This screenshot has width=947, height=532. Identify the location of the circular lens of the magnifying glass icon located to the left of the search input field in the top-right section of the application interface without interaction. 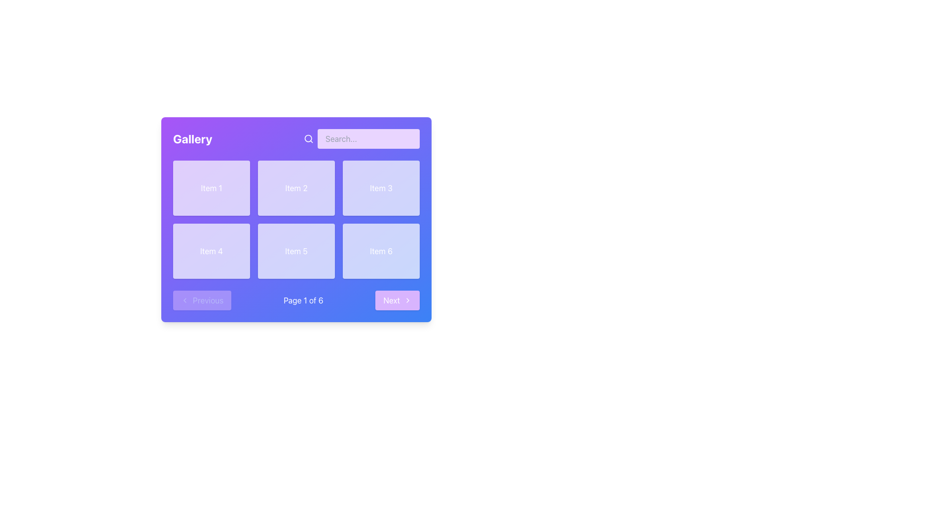
(308, 138).